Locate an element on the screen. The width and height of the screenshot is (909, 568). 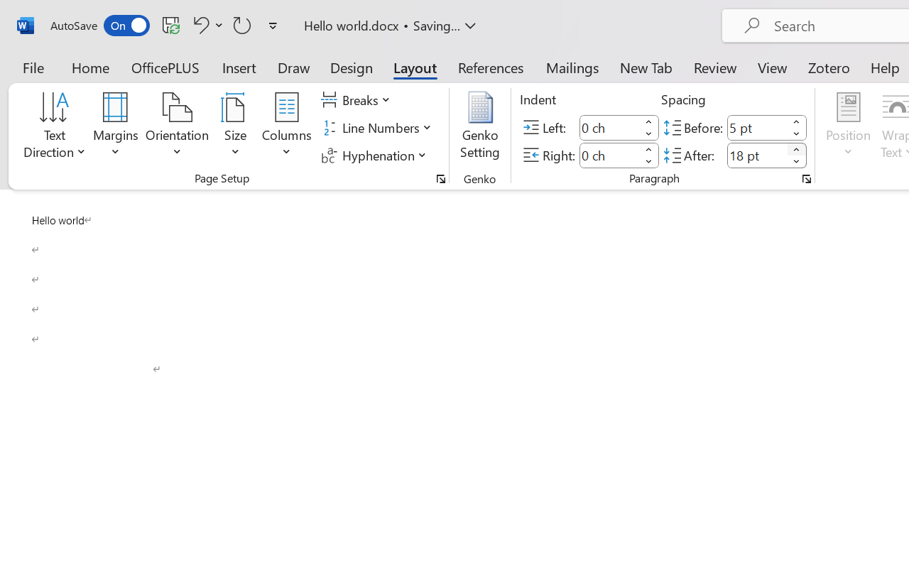
'Zotero' is located at coordinates (829, 67).